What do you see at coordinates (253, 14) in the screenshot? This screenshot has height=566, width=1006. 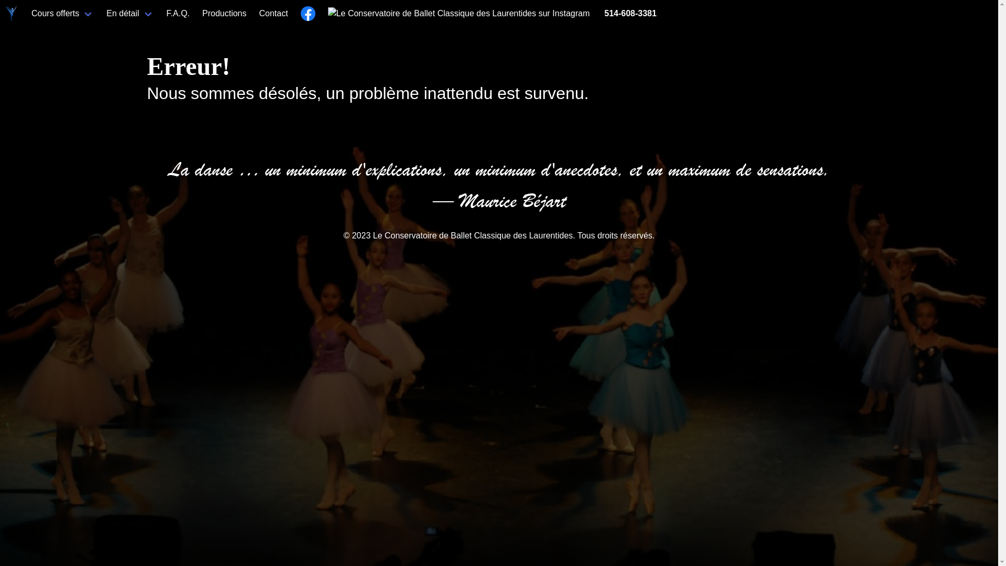 I see `'Contact'` at bounding box center [253, 14].